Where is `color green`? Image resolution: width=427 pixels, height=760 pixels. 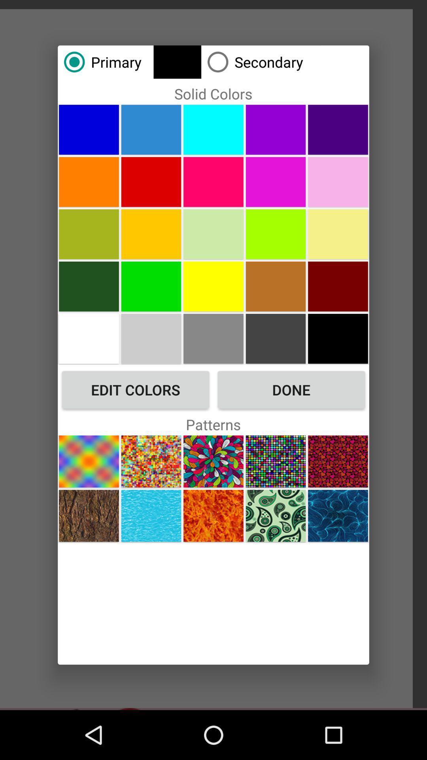 color green is located at coordinates (213, 234).